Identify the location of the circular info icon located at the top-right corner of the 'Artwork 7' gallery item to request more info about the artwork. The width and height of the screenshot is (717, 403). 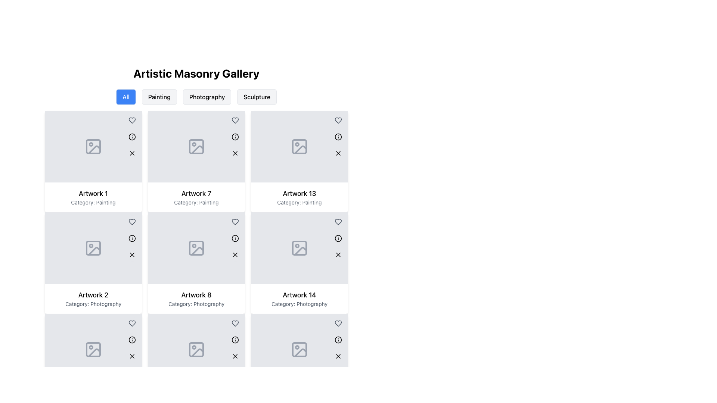
(235, 137).